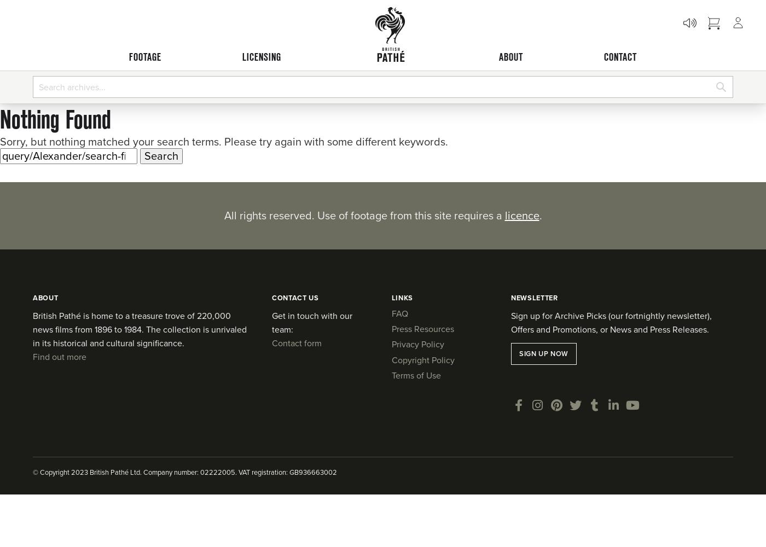 The image size is (766, 547). What do you see at coordinates (415, 375) in the screenshot?
I see `'Terms of Use'` at bounding box center [415, 375].